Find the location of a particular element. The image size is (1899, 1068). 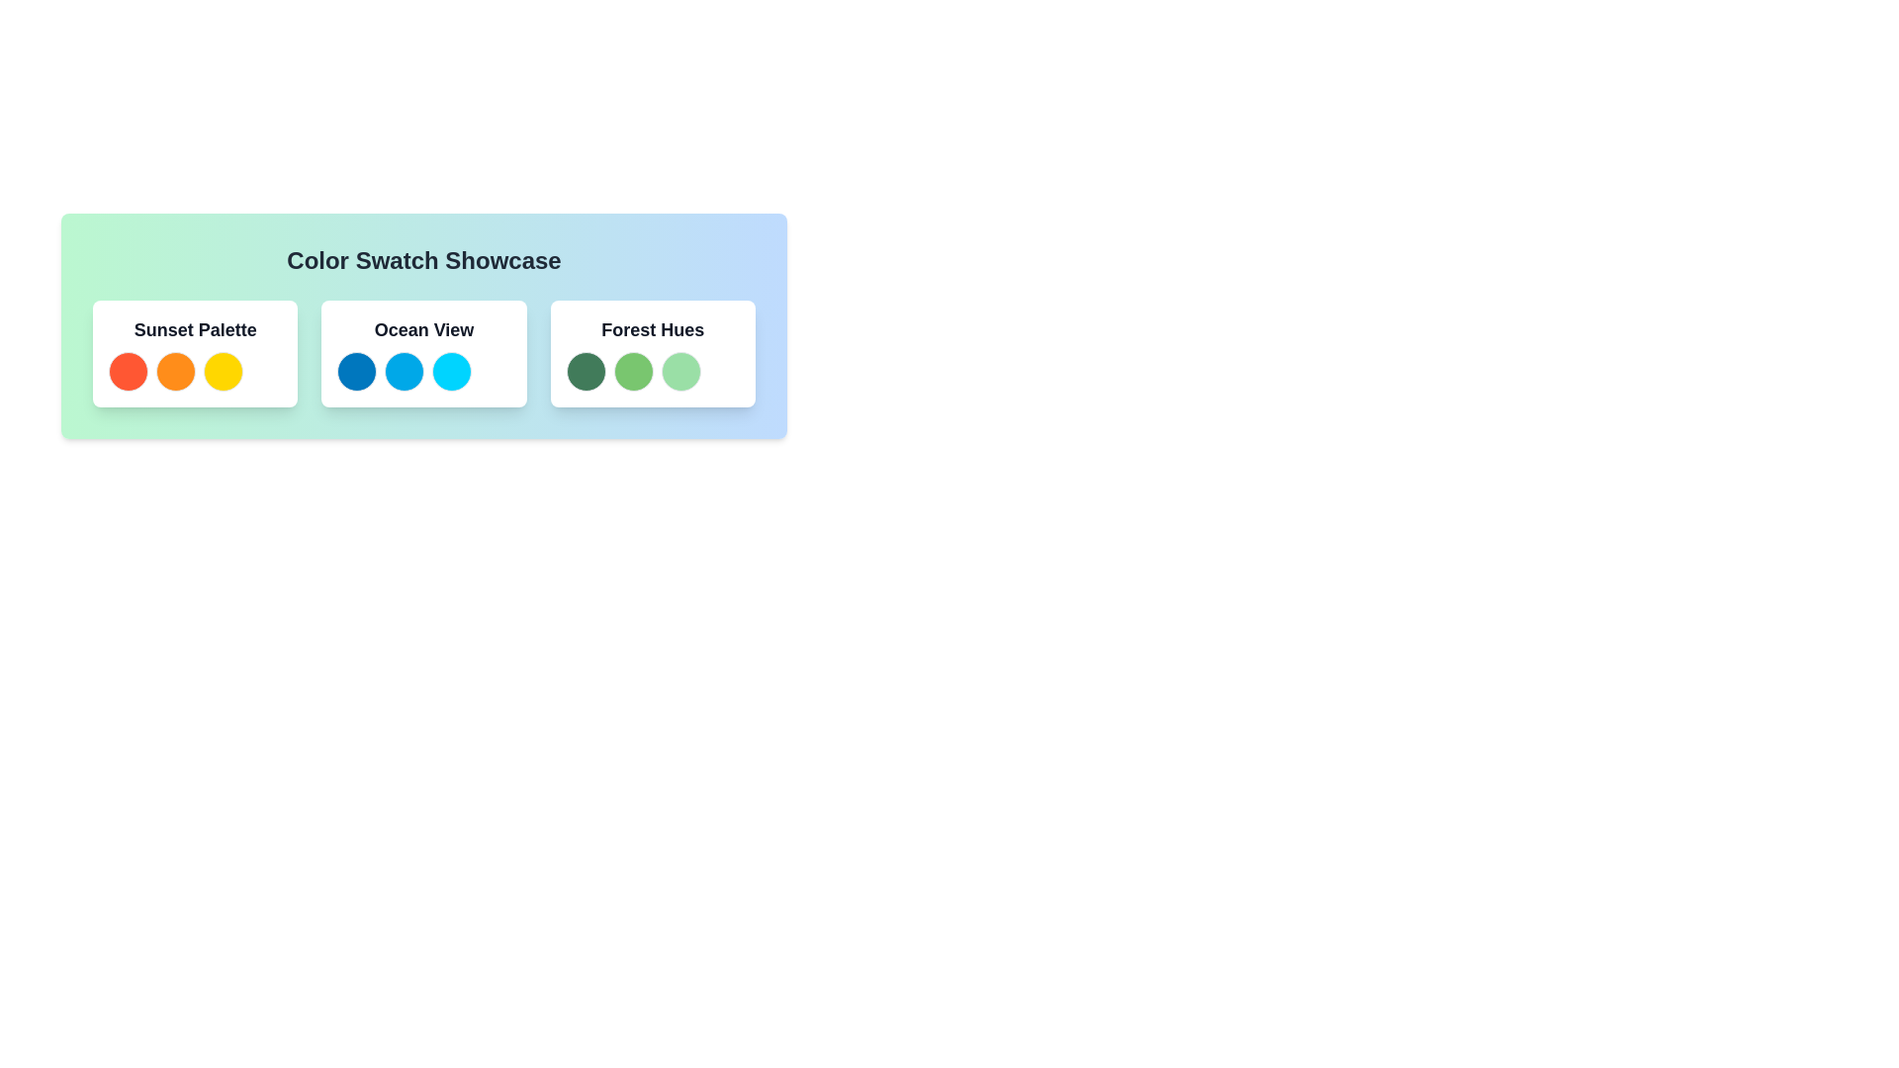

the Color swatch group consisting of three circular color swatches (red, orange, yellow) located within the 'Sunset Palette' card is located at coordinates (195, 371).